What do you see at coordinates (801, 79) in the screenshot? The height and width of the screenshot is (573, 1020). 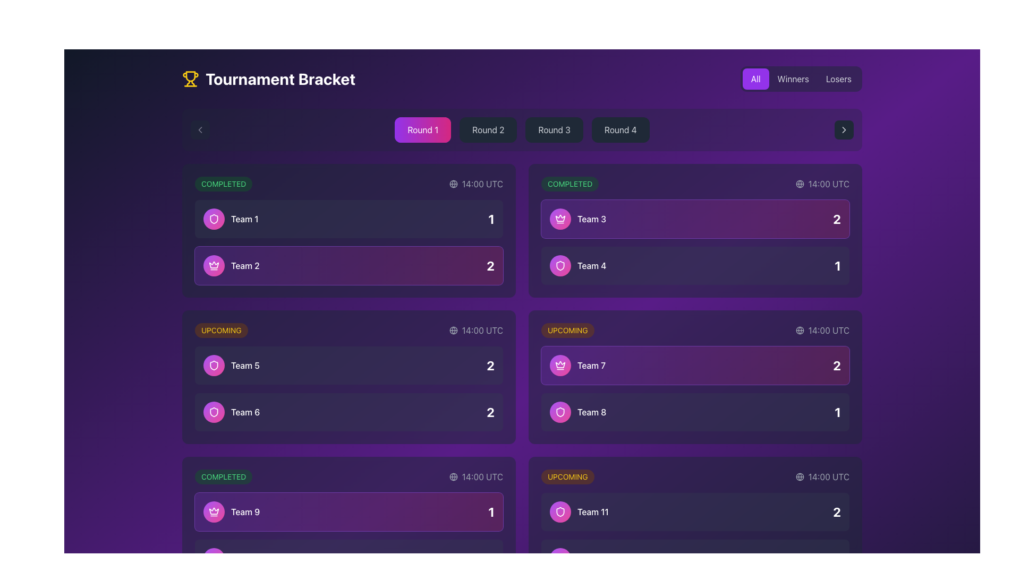 I see `the 'All' button with rounded corners, styled with a purple background and white text` at bounding box center [801, 79].